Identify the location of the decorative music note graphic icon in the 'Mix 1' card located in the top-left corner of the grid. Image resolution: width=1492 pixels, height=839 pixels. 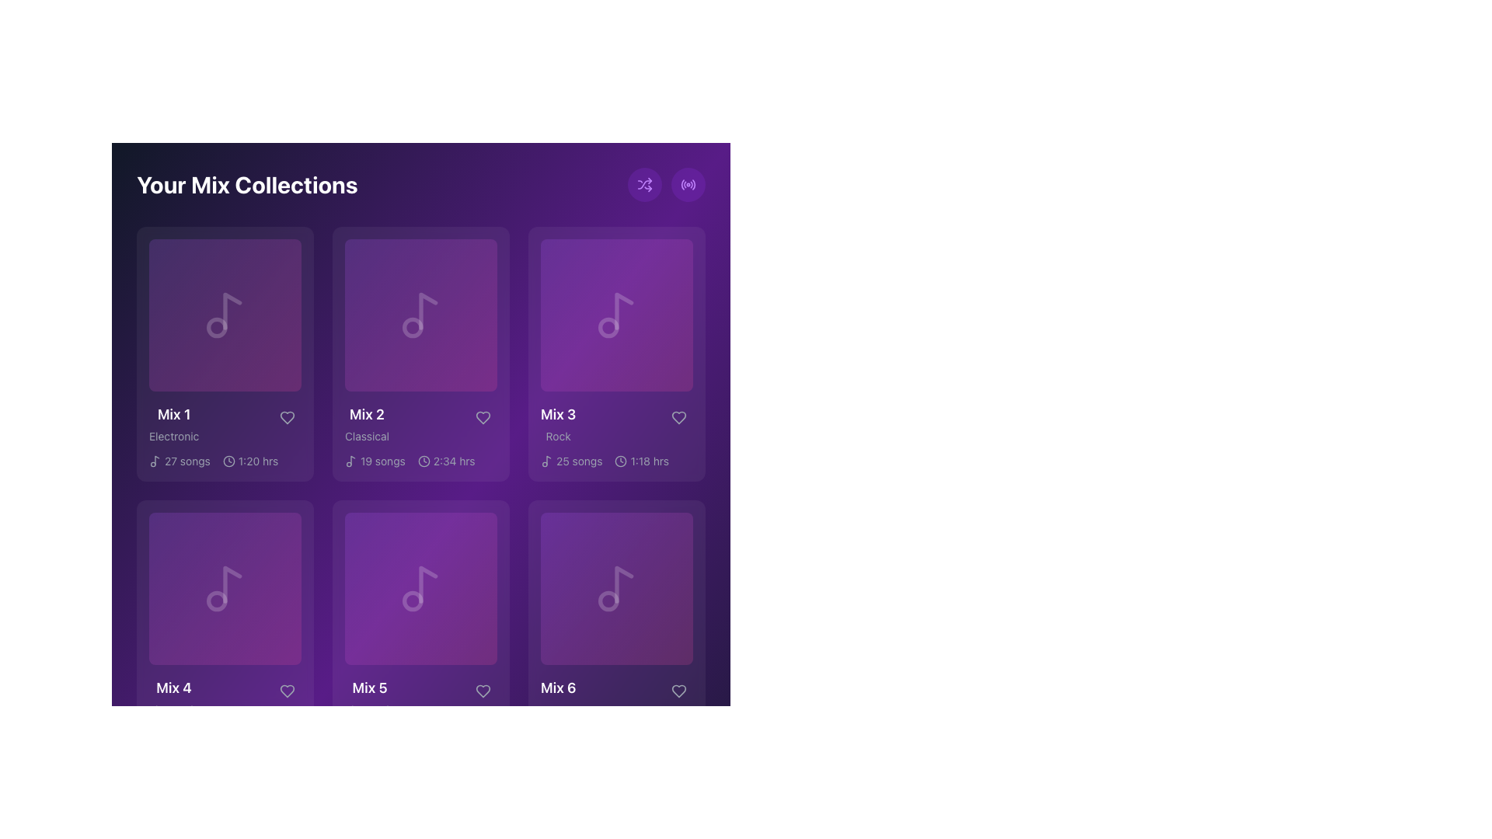
(216, 326).